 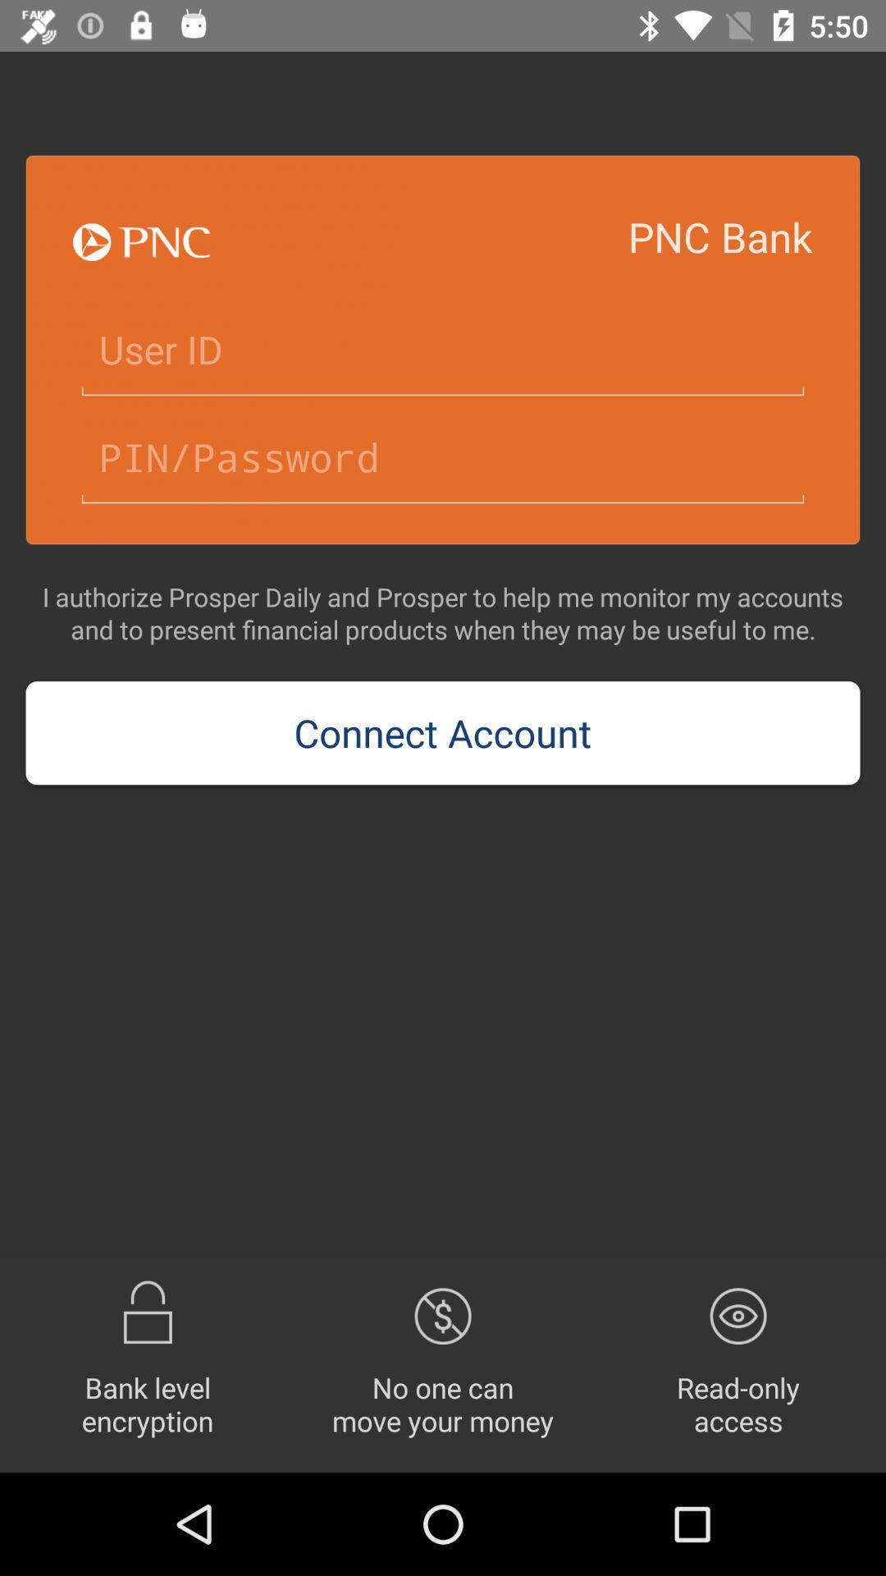 What do you see at coordinates (443, 458) in the screenshot?
I see `password` at bounding box center [443, 458].